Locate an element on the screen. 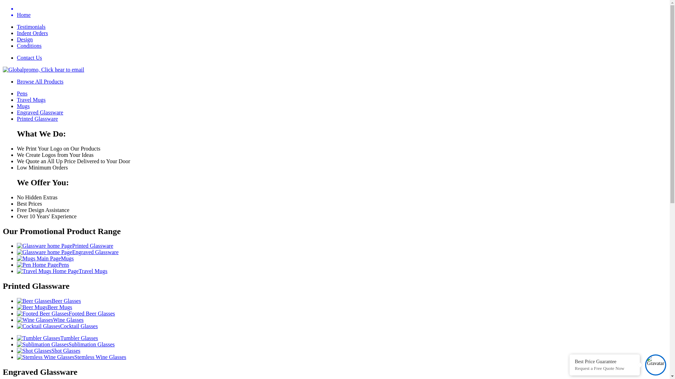 The height and width of the screenshot is (379, 675). 'Engraved Glassware' is located at coordinates (17, 252).